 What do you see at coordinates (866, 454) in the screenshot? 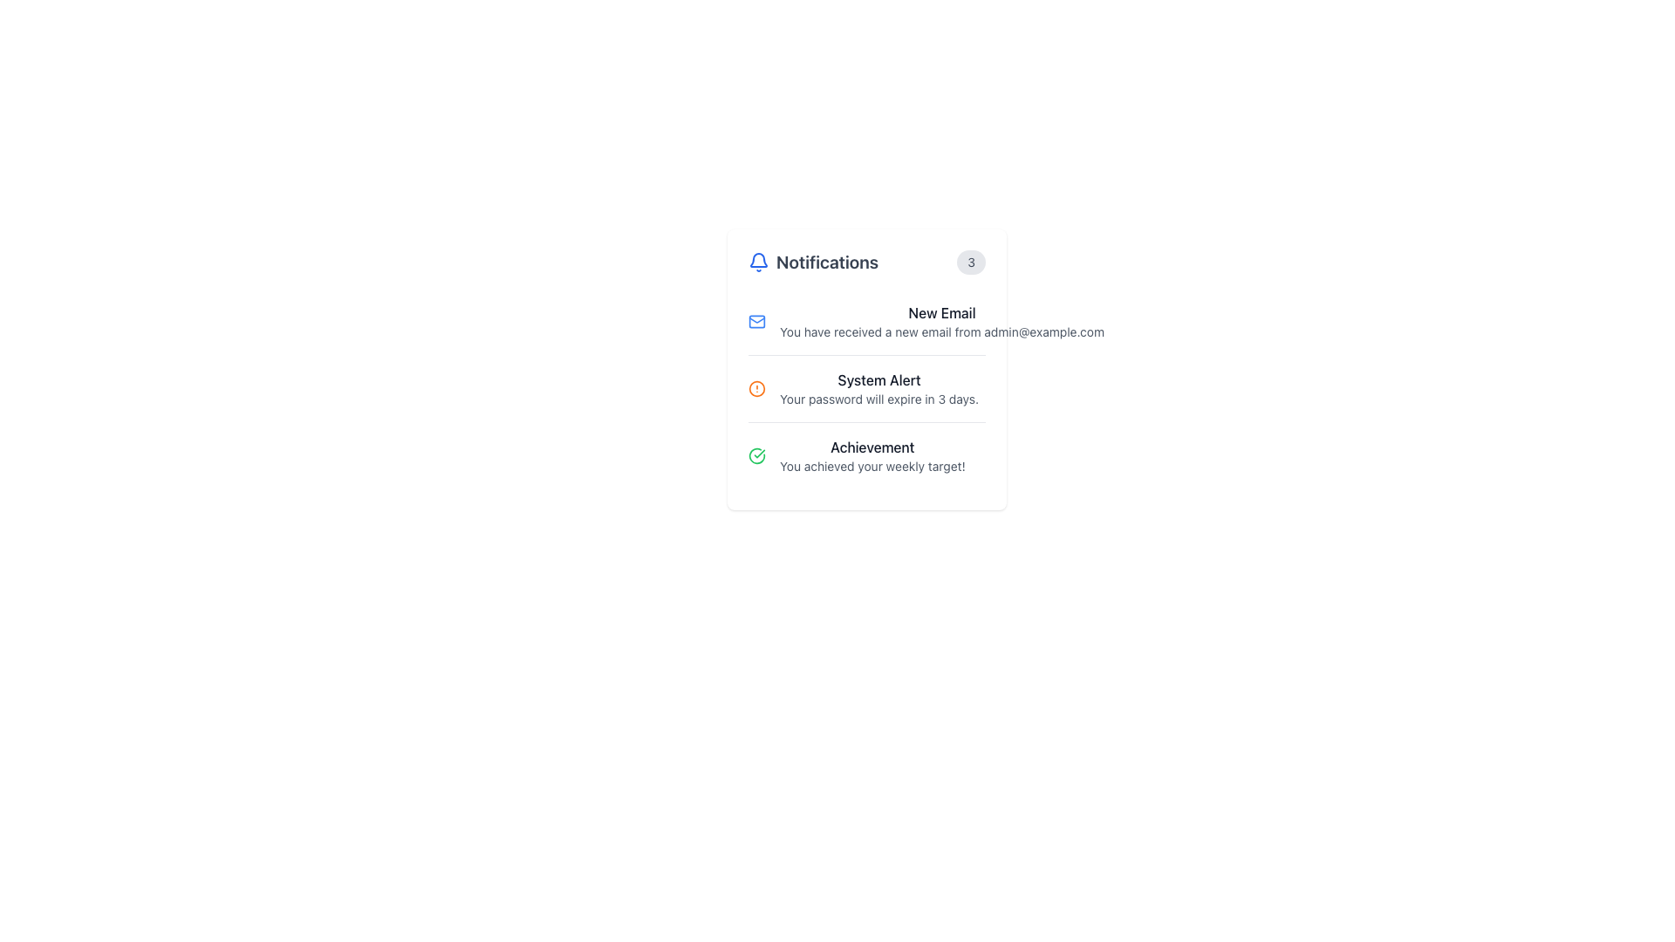
I see `notification text of the Notification item that displays 'Achievement' and 'You achieved your weekly target!'` at bounding box center [866, 454].